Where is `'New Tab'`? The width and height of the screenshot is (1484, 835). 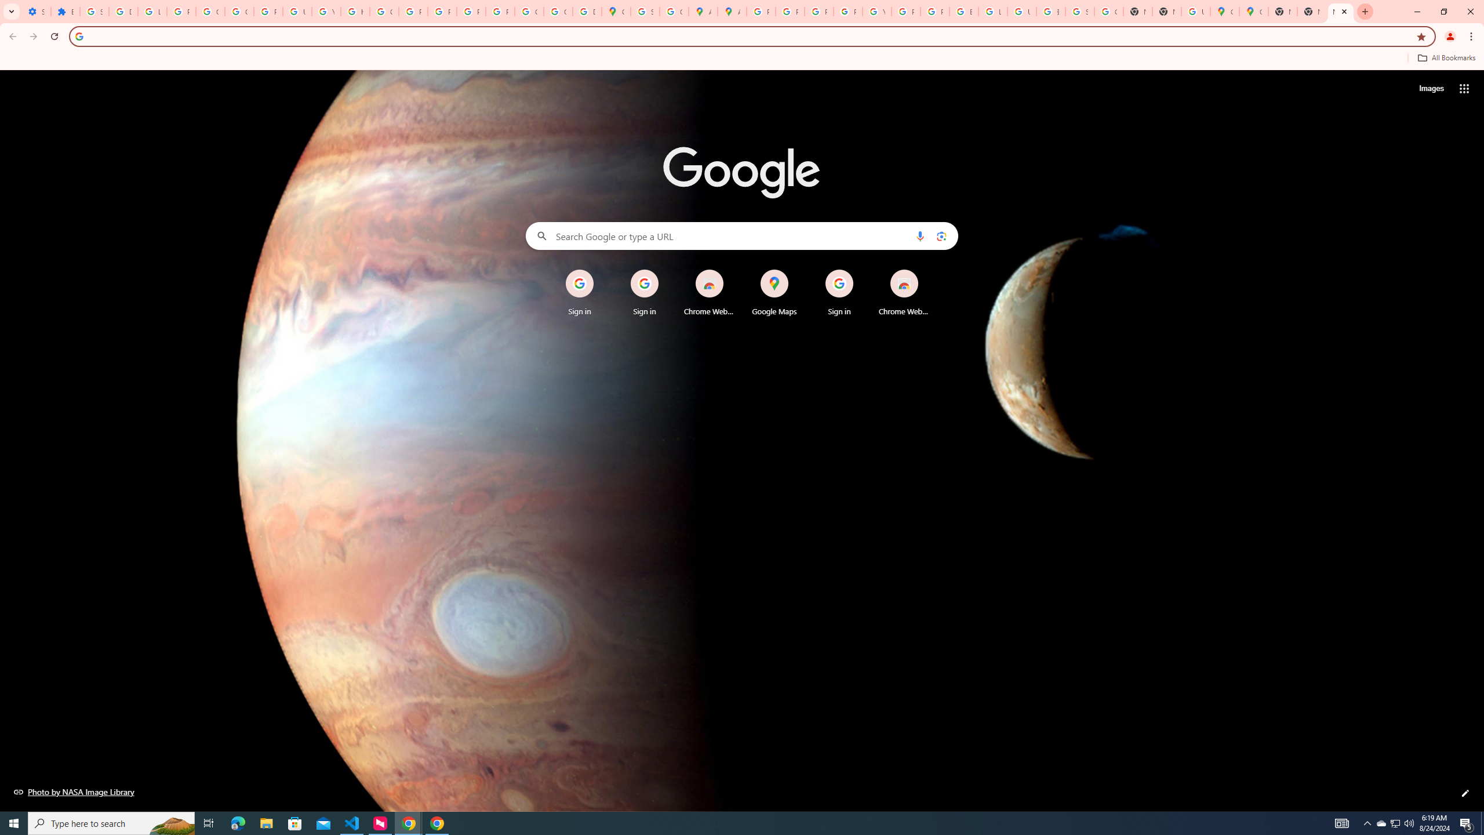
'New Tab' is located at coordinates (1283, 11).